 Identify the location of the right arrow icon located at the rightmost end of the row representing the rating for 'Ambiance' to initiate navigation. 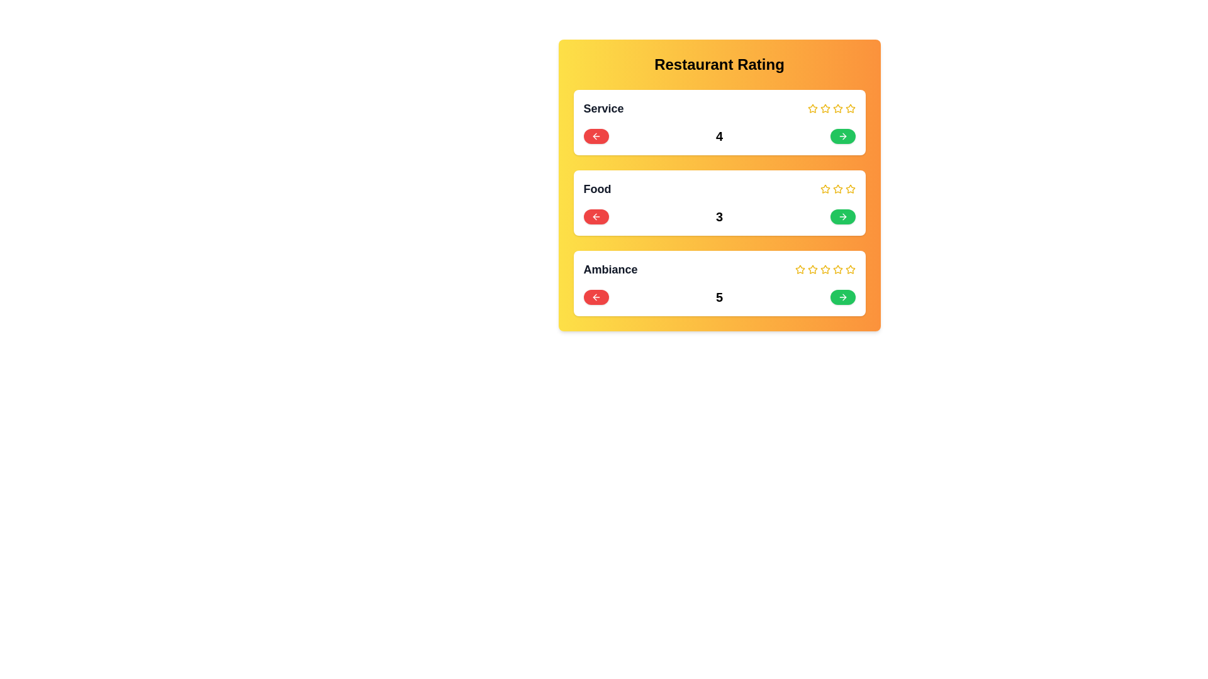
(843, 297).